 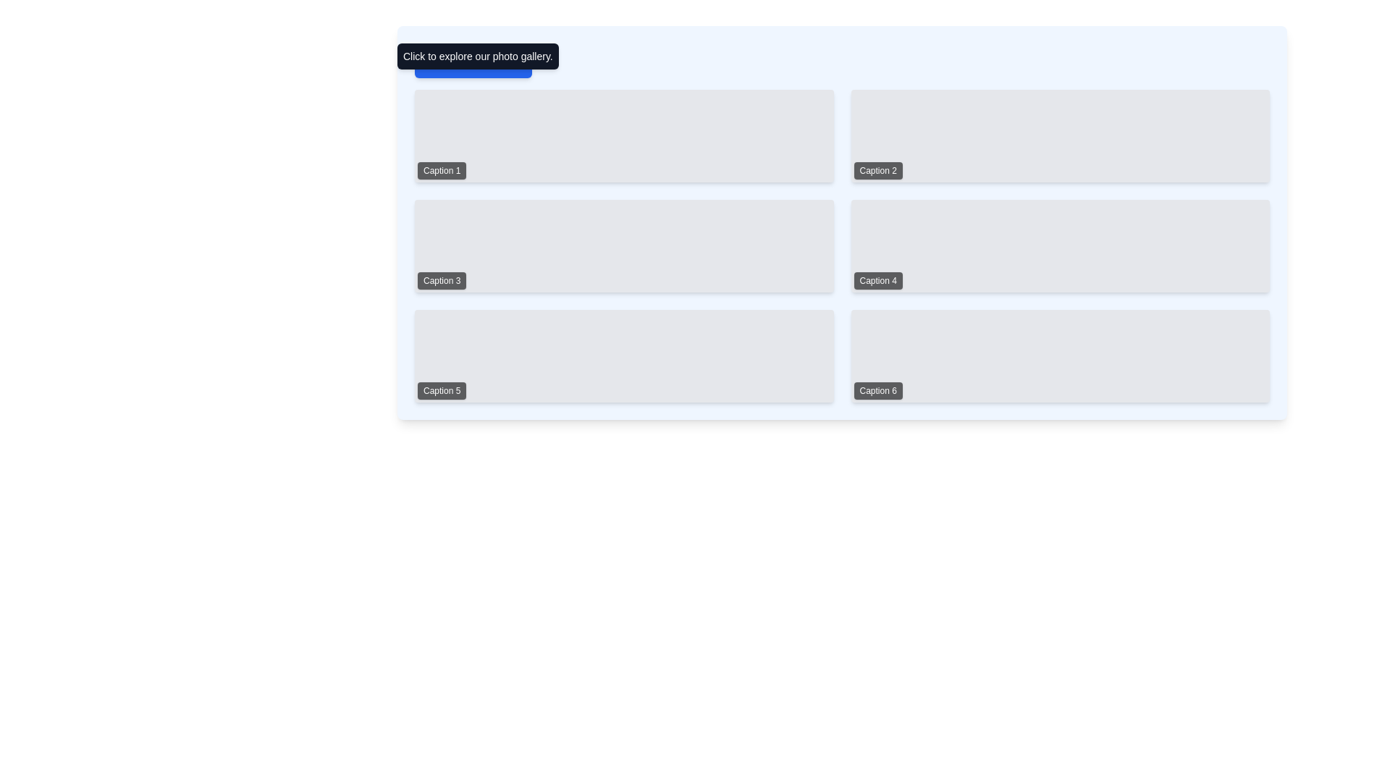 What do you see at coordinates (624, 245) in the screenshot?
I see `the grid tile labeled 'Caption 3'` at bounding box center [624, 245].